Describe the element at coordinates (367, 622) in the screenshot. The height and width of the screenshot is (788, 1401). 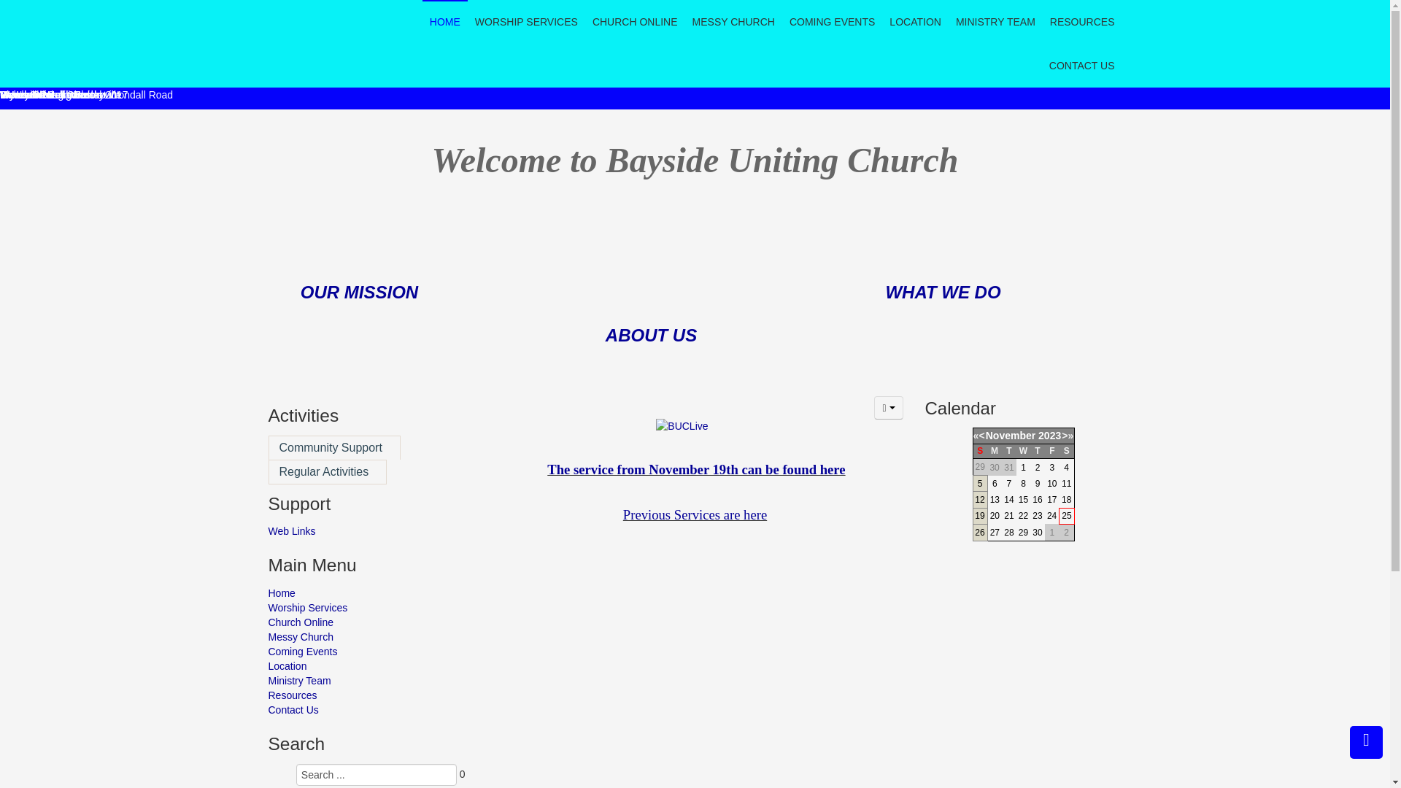
I see `'Church Online'` at that location.